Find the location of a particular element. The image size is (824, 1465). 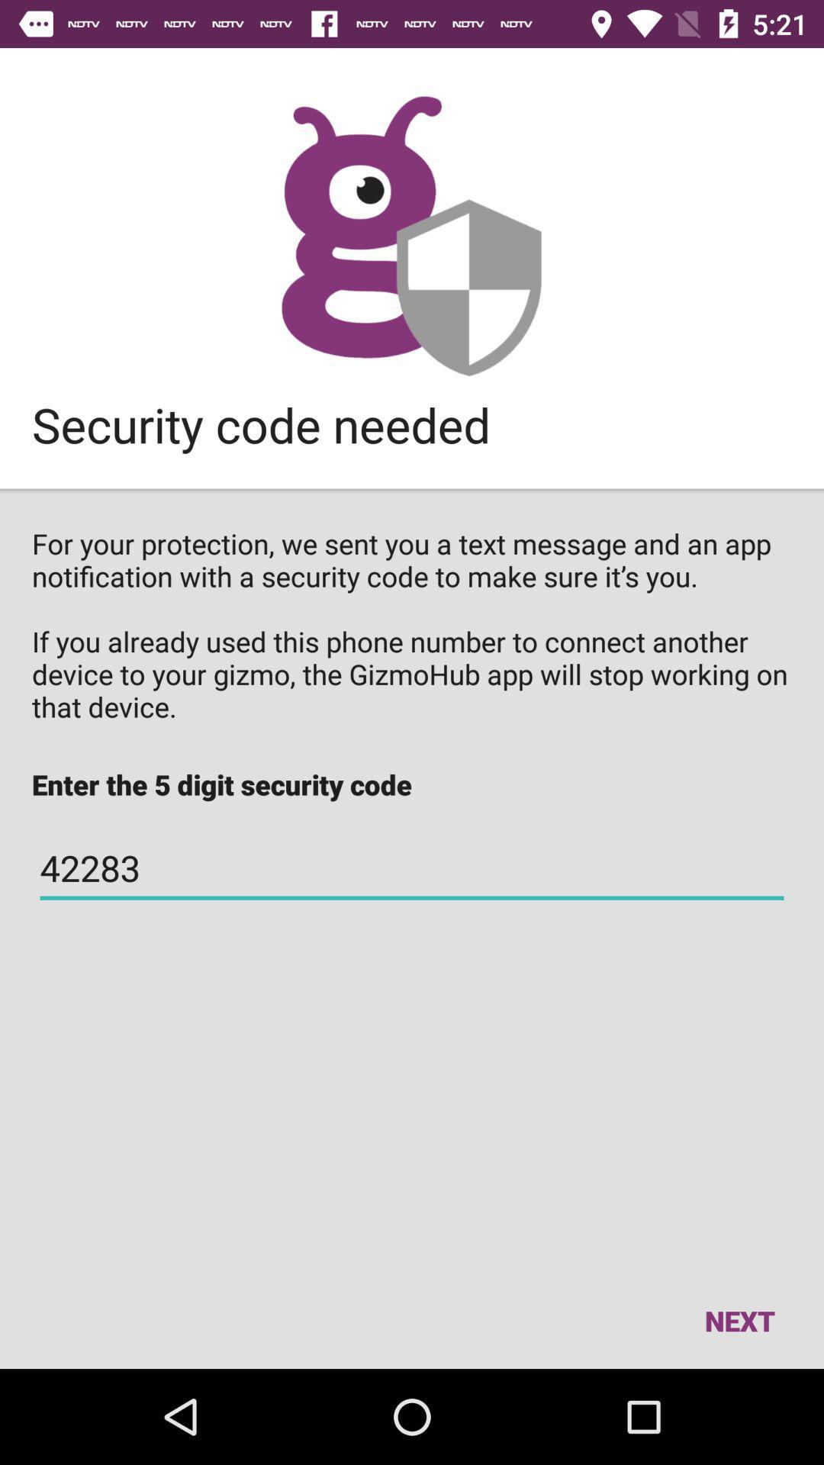

42283 item is located at coordinates (412, 868).